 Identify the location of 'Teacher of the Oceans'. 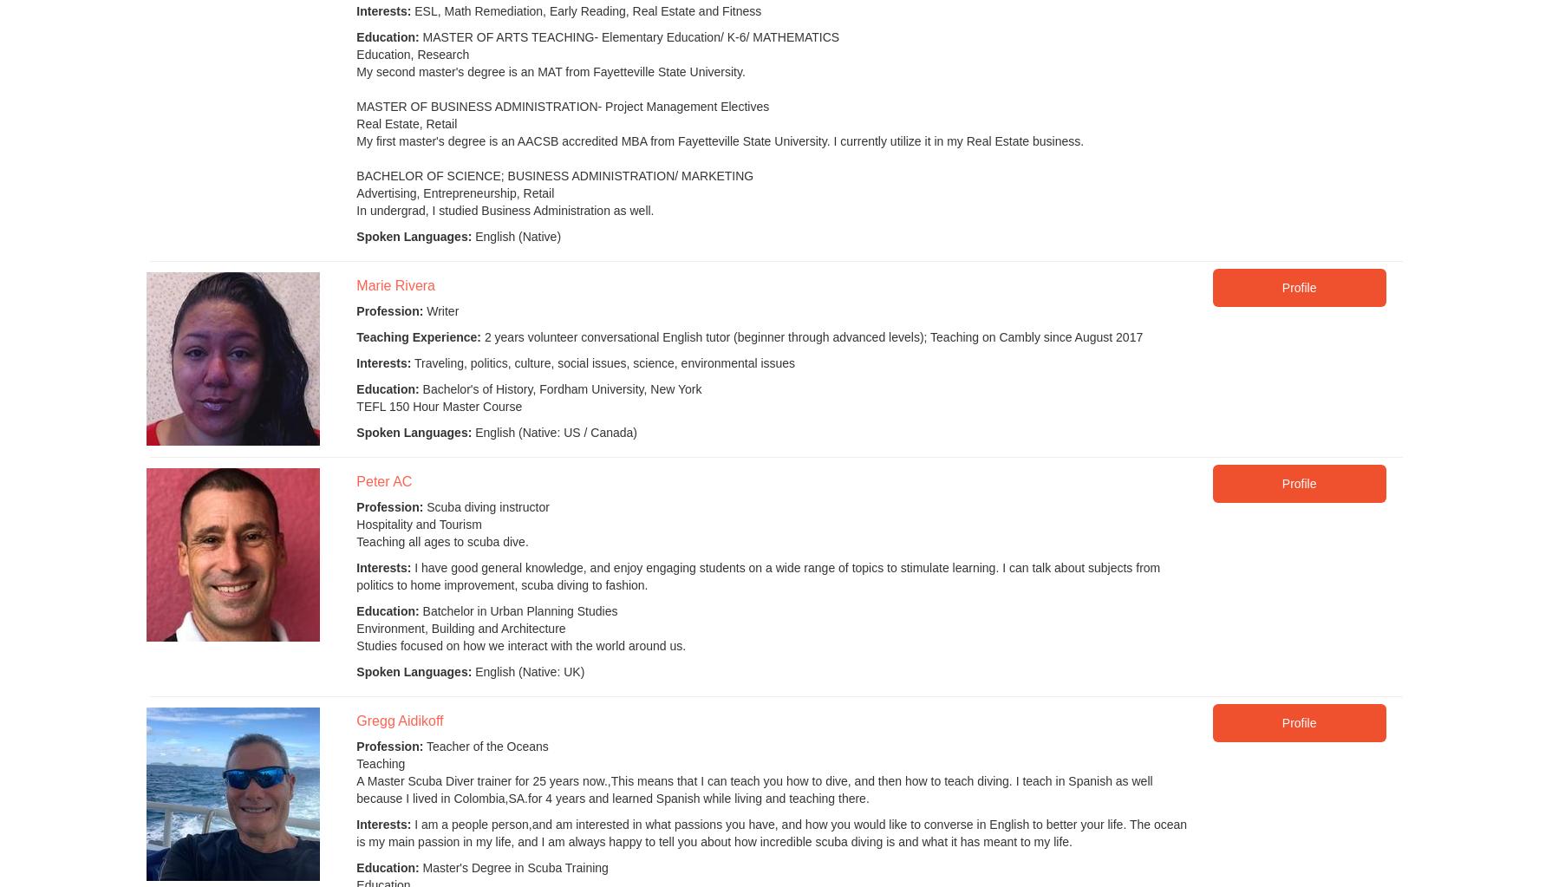
(484, 745).